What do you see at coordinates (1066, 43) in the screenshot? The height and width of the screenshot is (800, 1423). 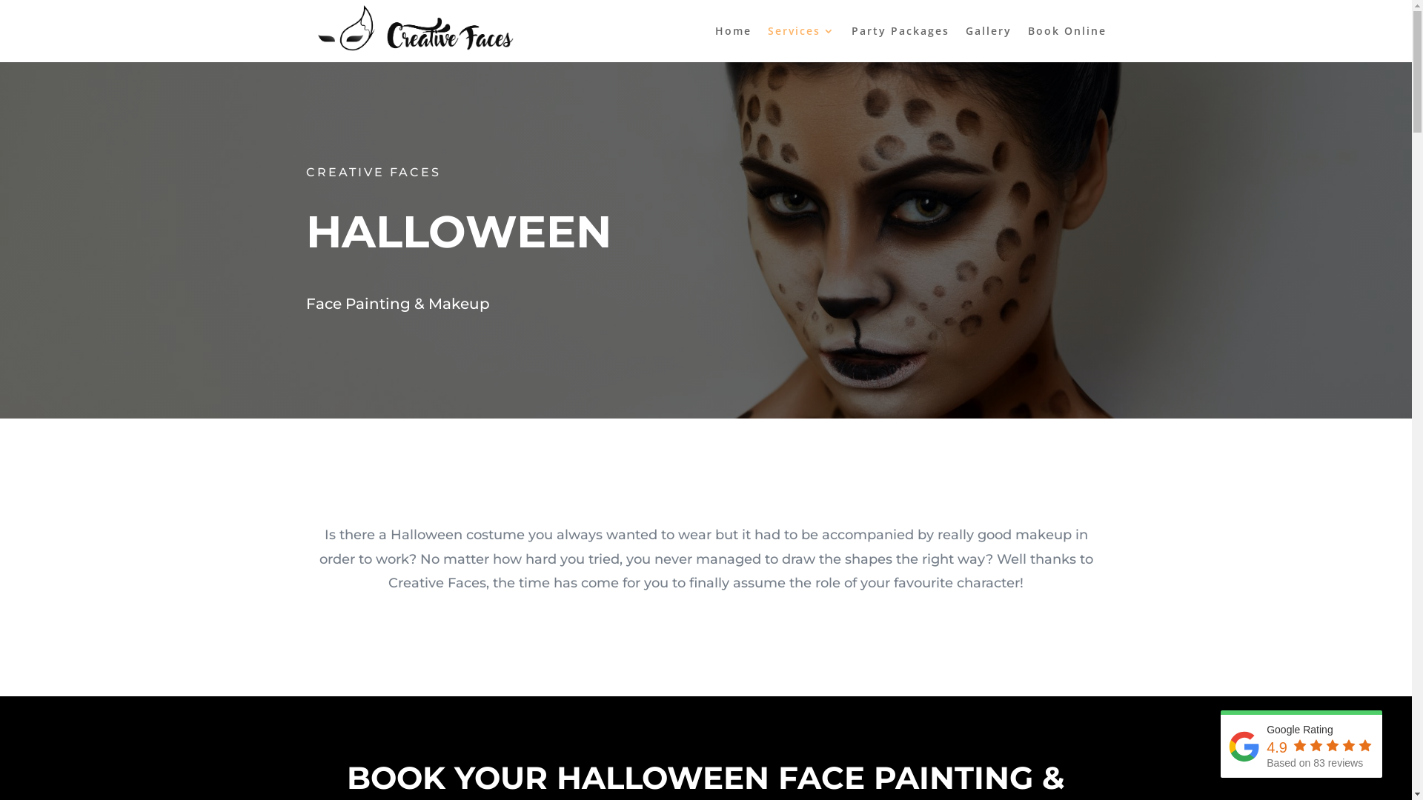 I see `'Book Online'` at bounding box center [1066, 43].